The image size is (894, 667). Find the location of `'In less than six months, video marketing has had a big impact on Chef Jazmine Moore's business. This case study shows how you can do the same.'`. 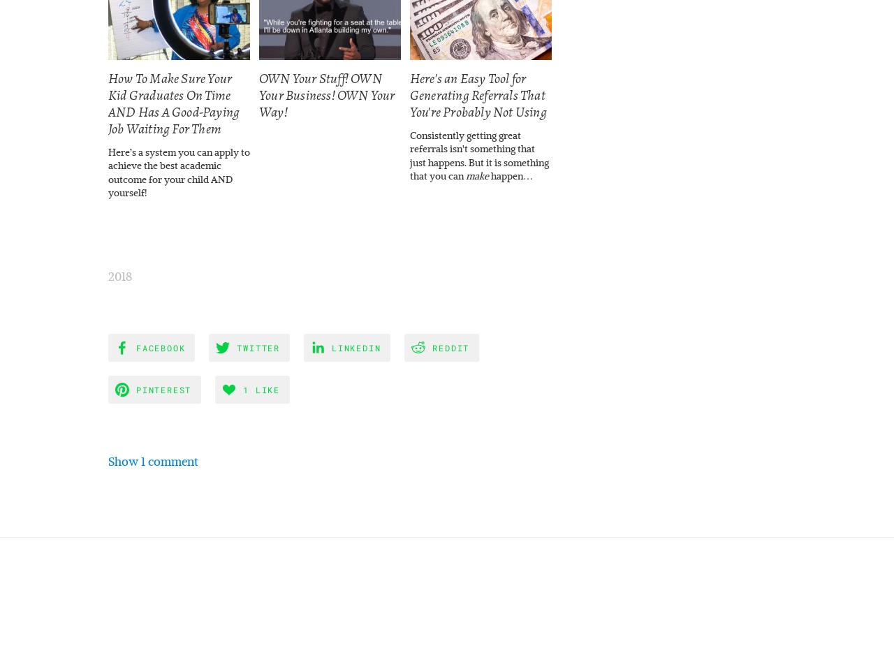

'In less than six months, video marketing has had a big impact on Chef Jazmine Moore's business. This case study shows how you can do the same.' is located at coordinates (779, 161).